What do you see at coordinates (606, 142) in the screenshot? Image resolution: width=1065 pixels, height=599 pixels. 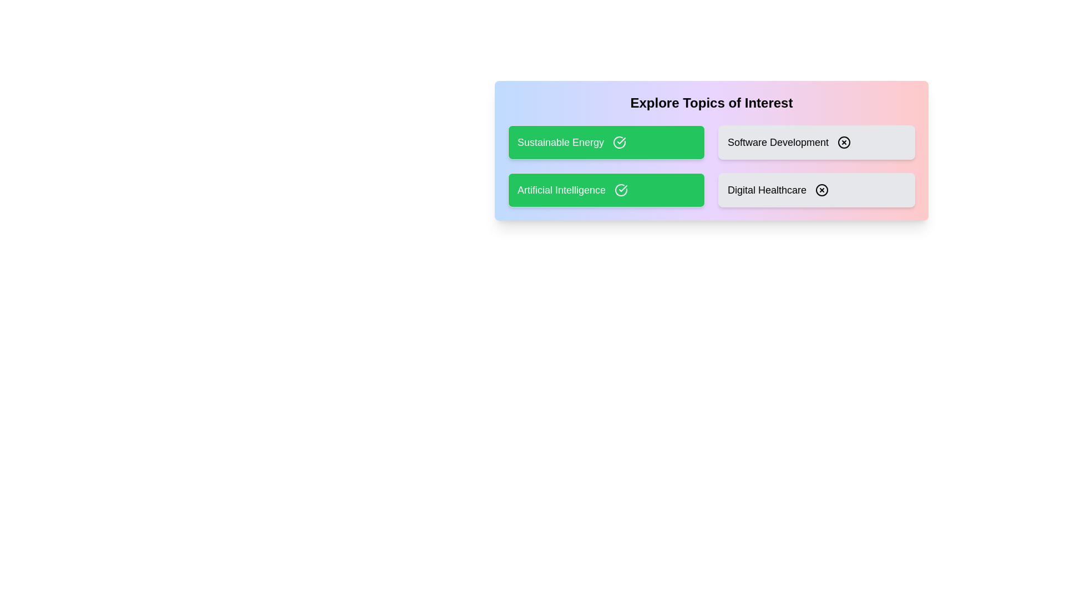 I see `the topic card labeled Sustainable Energy to toggle its selection state` at bounding box center [606, 142].